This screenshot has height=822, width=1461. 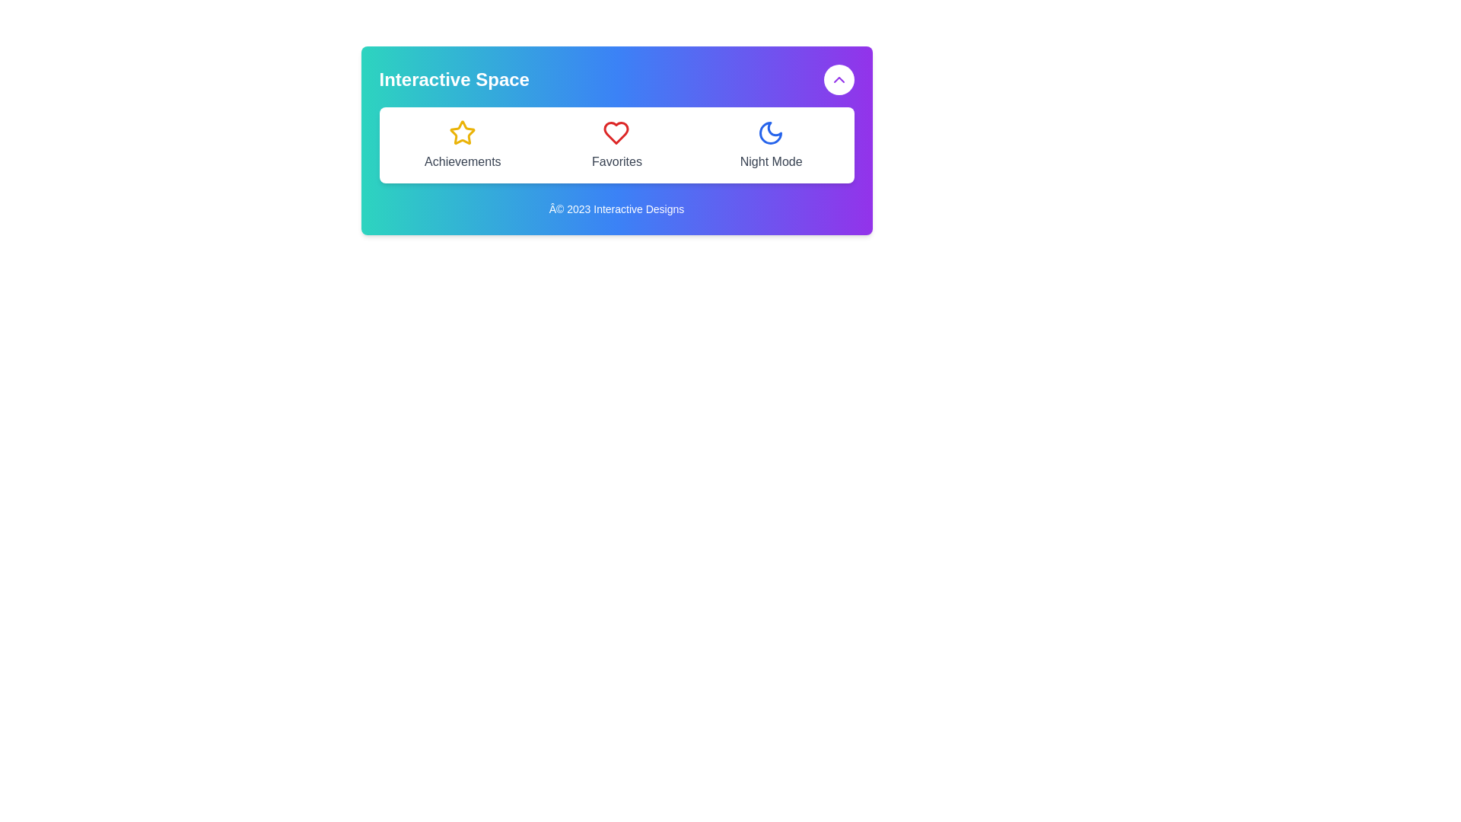 I want to click on the circular button with a white background and purple outline, which contains an upward-pointing chevron icon, so click(x=838, y=79).